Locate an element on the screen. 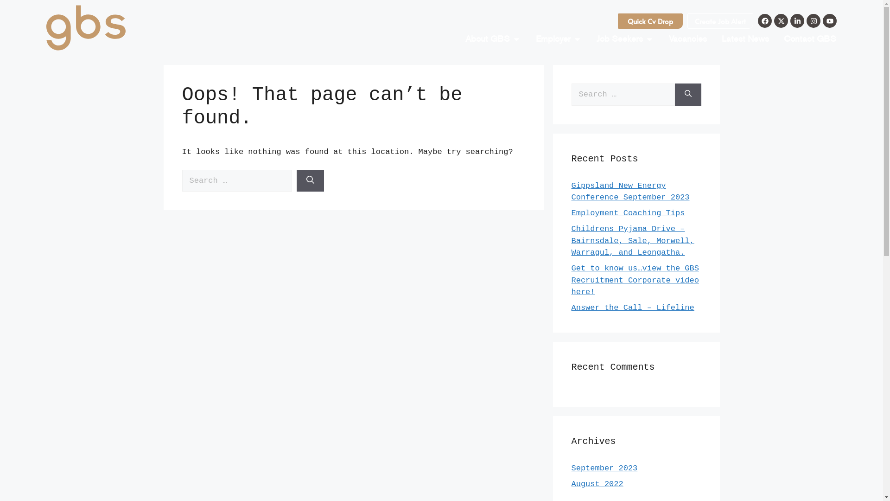  'Vacancies' is located at coordinates (669, 39).